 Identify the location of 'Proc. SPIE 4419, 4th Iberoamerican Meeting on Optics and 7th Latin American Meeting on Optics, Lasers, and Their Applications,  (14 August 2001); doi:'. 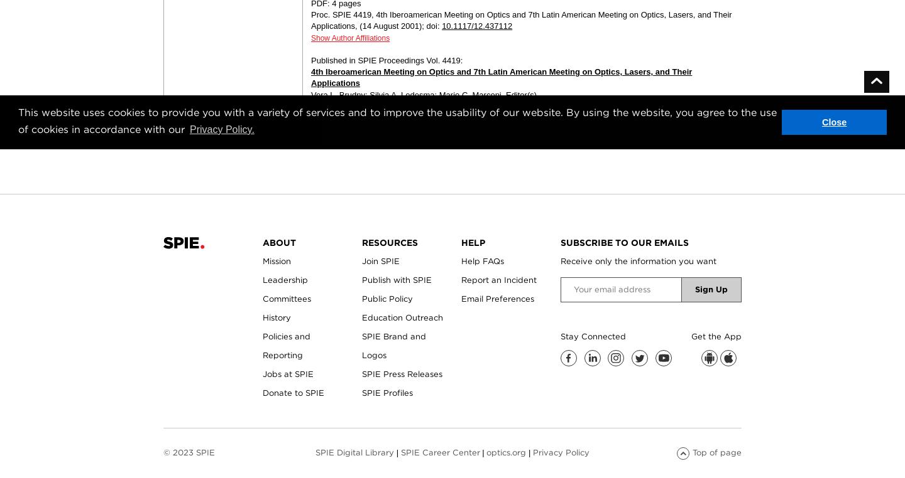
(310, 19).